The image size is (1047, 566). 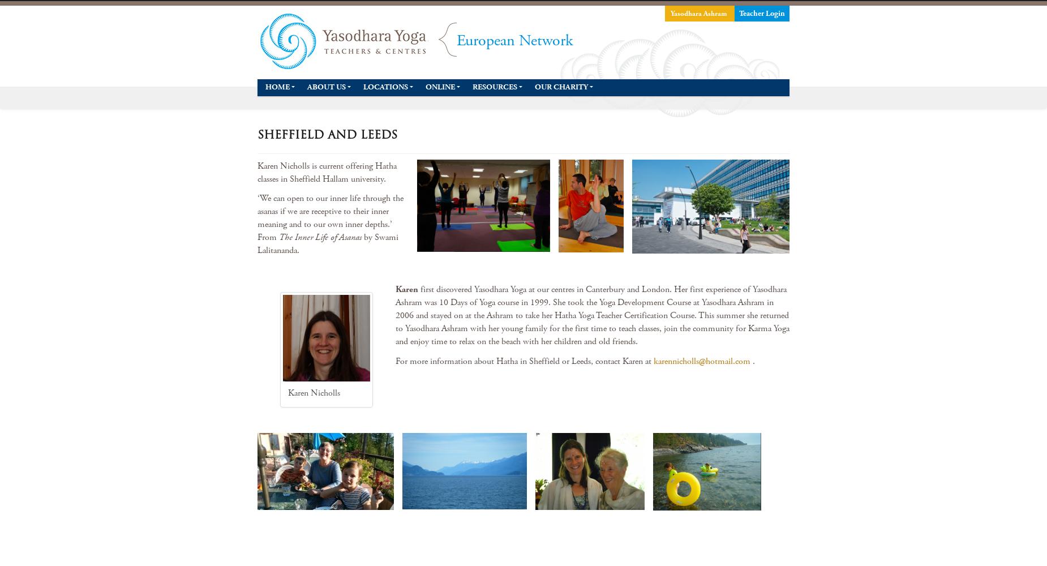 What do you see at coordinates (406, 289) in the screenshot?
I see `'Karen'` at bounding box center [406, 289].